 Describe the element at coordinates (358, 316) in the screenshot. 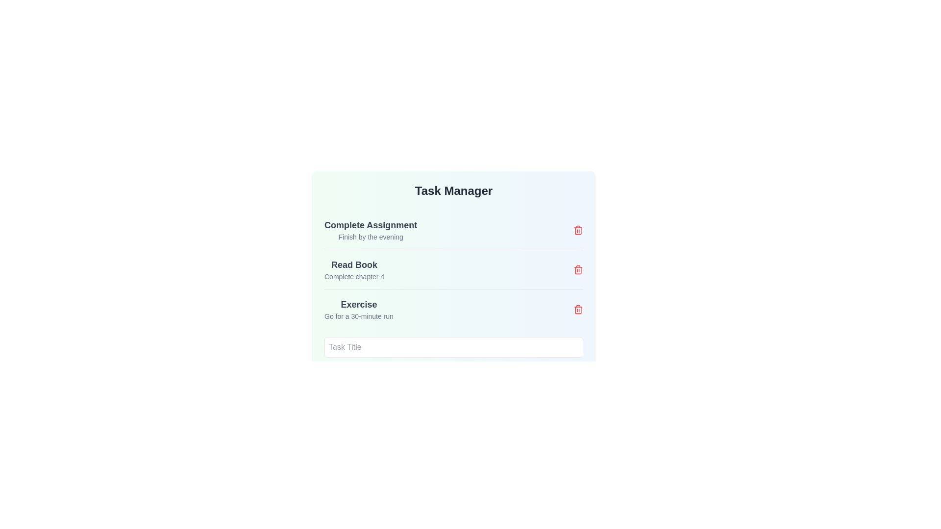

I see `text label that provides additional details for the task titled 'Exercise', located below the heading and aligned to the left` at that location.